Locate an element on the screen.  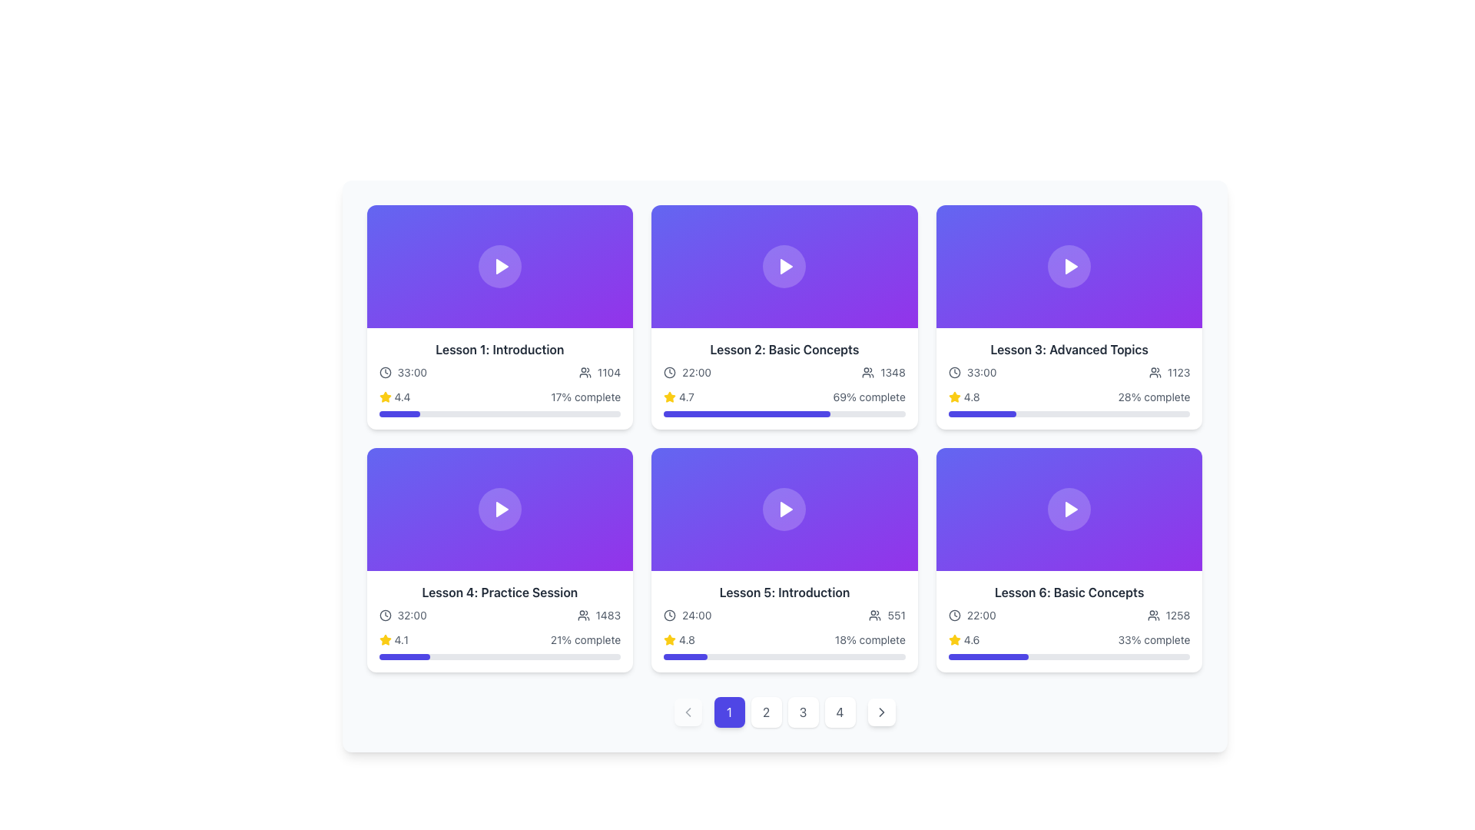
the triangular play button icon, which is styled with a purple fill color and located within a circular boundary on the 'Lesson 4: Practice Session' card, to play the associated video is located at coordinates (502, 510).